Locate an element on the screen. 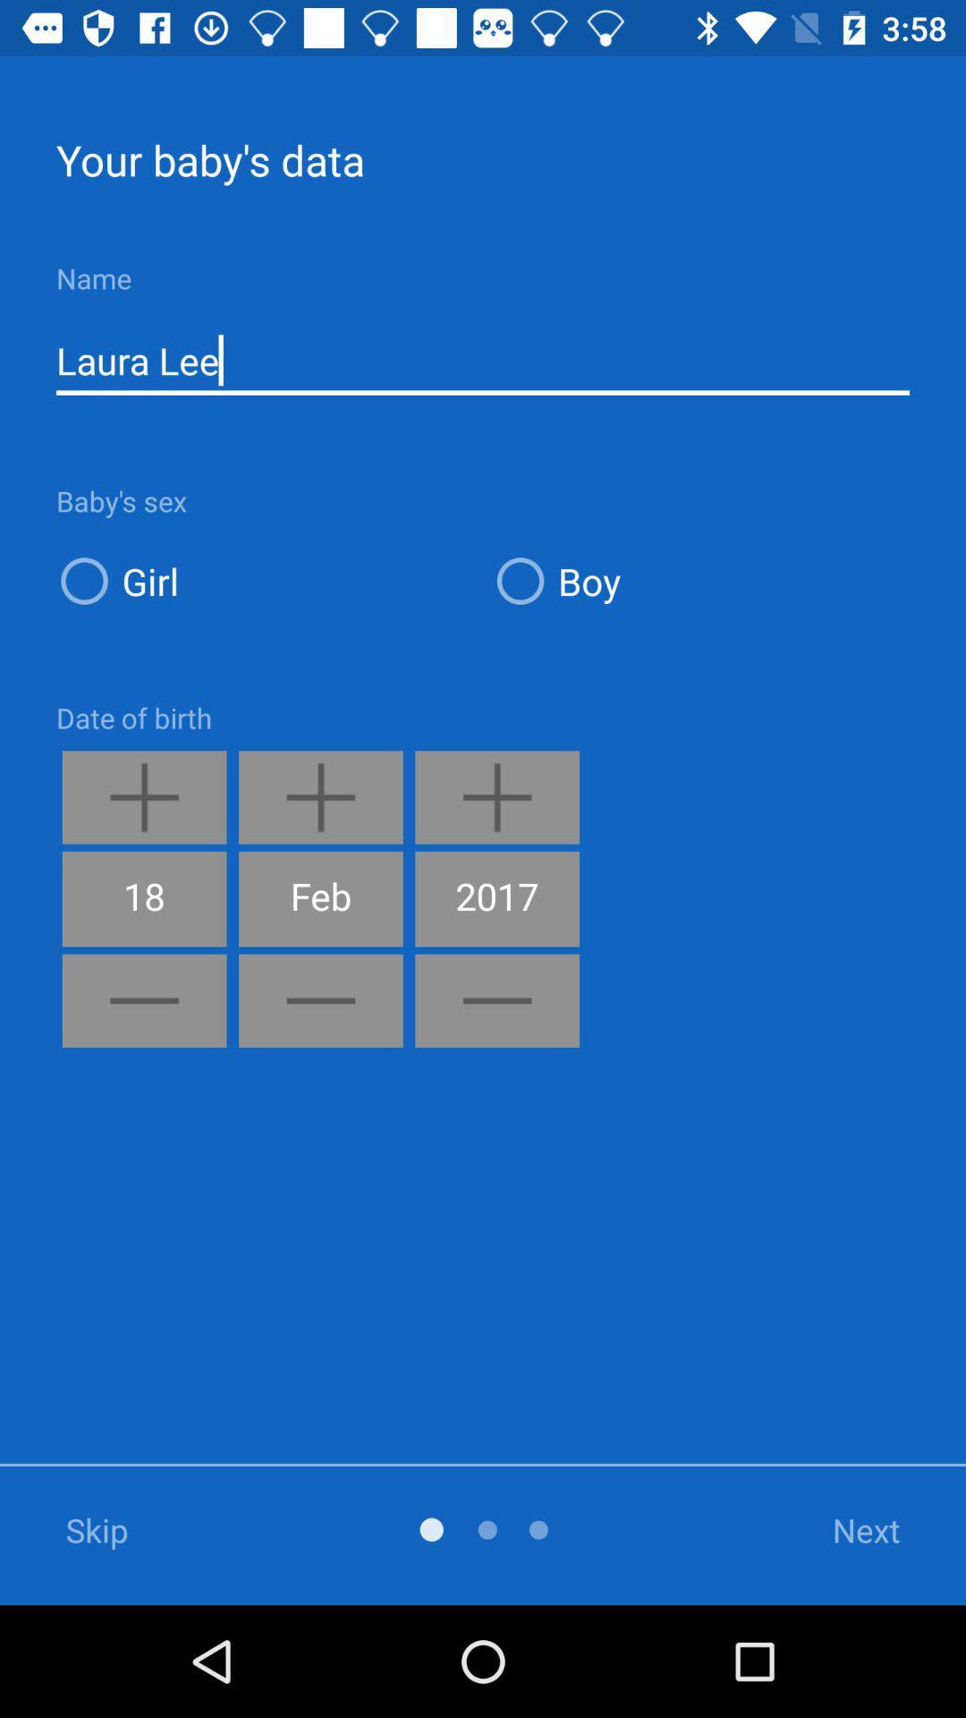 Image resolution: width=966 pixels, height=1718 pixels. the skip is located at coordinates (121, 1528).